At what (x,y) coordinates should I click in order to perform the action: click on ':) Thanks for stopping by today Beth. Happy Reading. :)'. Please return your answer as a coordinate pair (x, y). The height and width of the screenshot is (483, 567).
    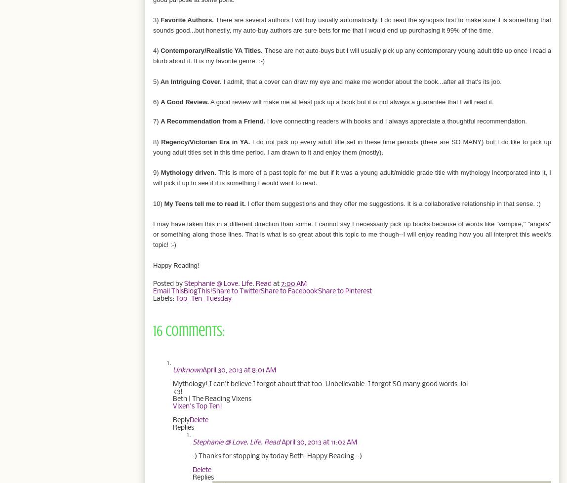
    Looking at the image, I should click on (192, 455).